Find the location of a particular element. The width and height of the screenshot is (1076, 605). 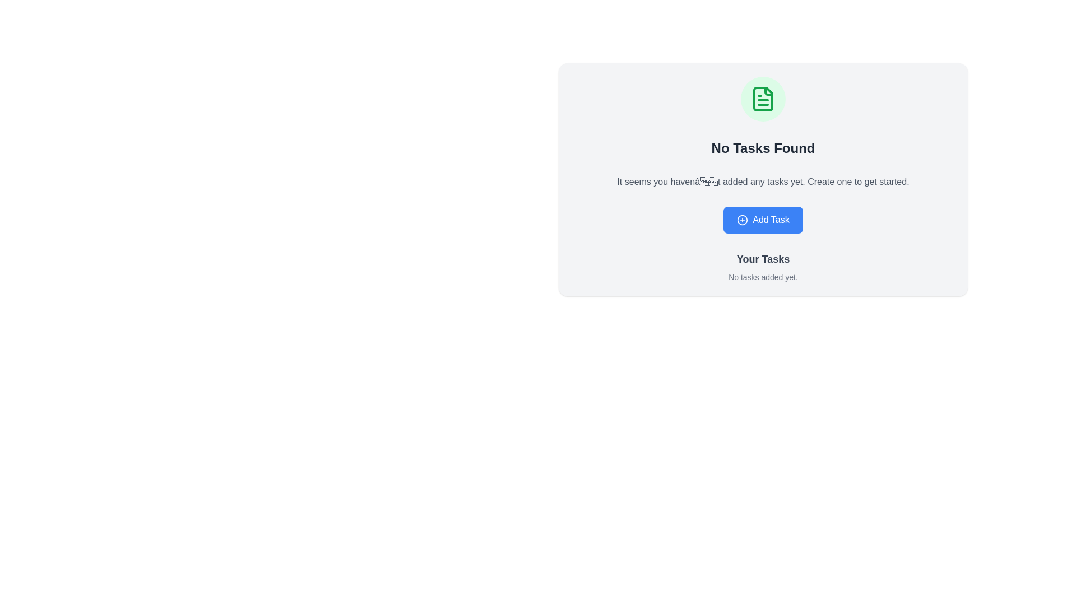

the Text Label that serves as a section title for the tasks section, positioned above the 'No tasks added yet.' message is located at coordinates (763, 259).